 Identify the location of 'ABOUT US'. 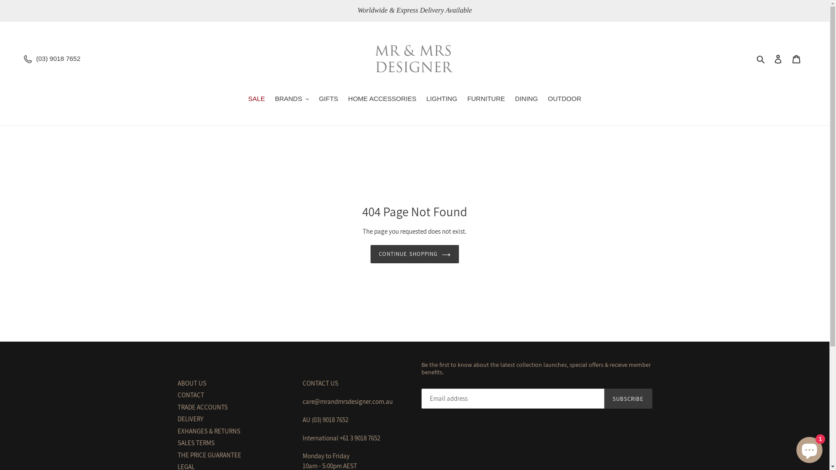
(192, 383).